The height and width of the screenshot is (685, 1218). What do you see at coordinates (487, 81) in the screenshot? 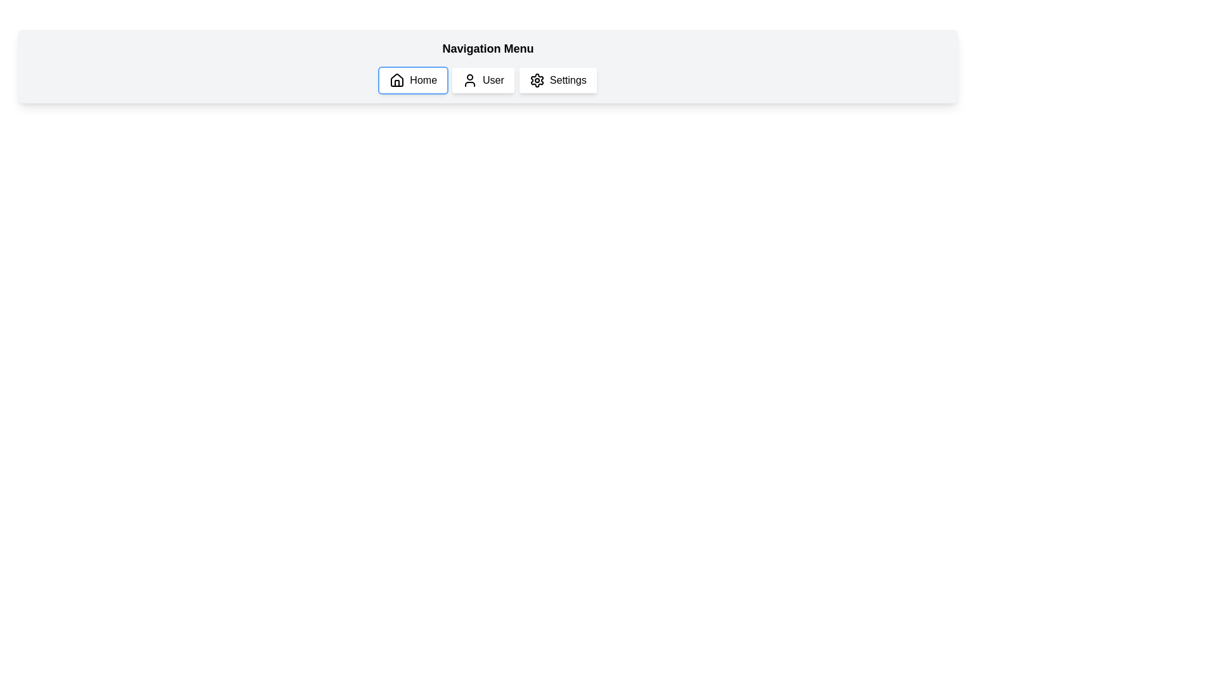
I see `the 'User' button in the Navigation Bar, which is styled with a white background and located in the center of the three buttons` at bounding box center [487, 81].